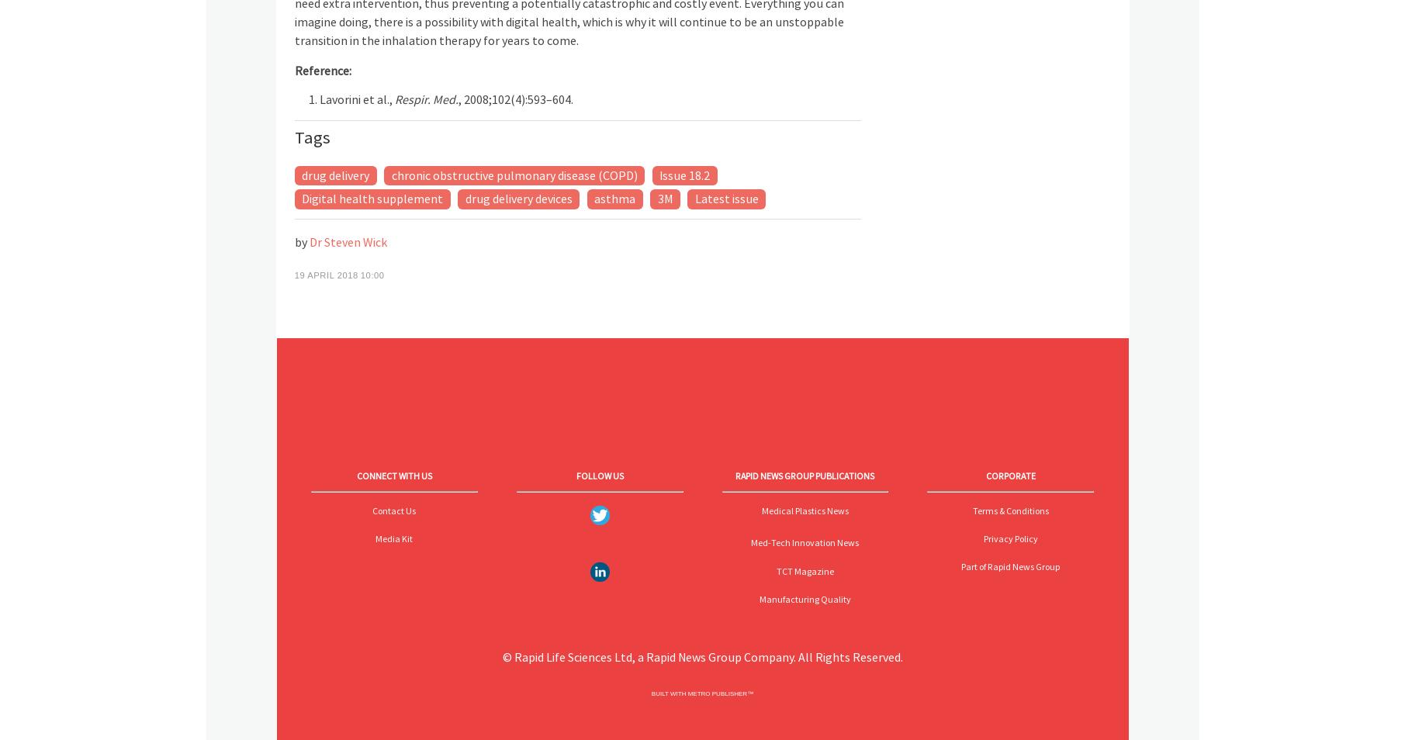  Describe the element at coordinates (424, 99) in the screenshot. I see `'Respir. Med.'` at that location.